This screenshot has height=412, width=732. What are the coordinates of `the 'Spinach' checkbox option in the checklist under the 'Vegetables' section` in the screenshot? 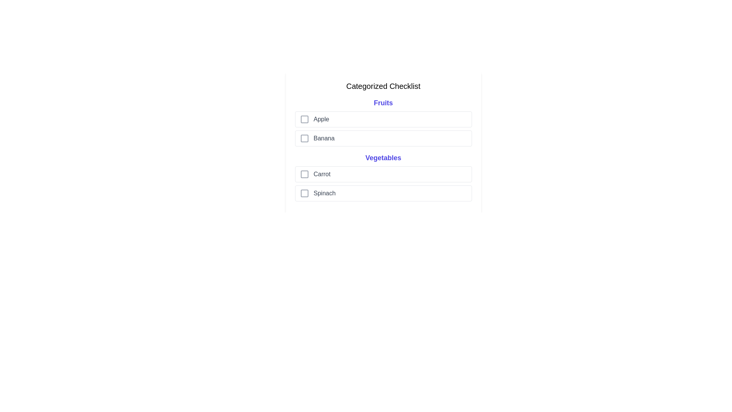 It's located at (383, 193).